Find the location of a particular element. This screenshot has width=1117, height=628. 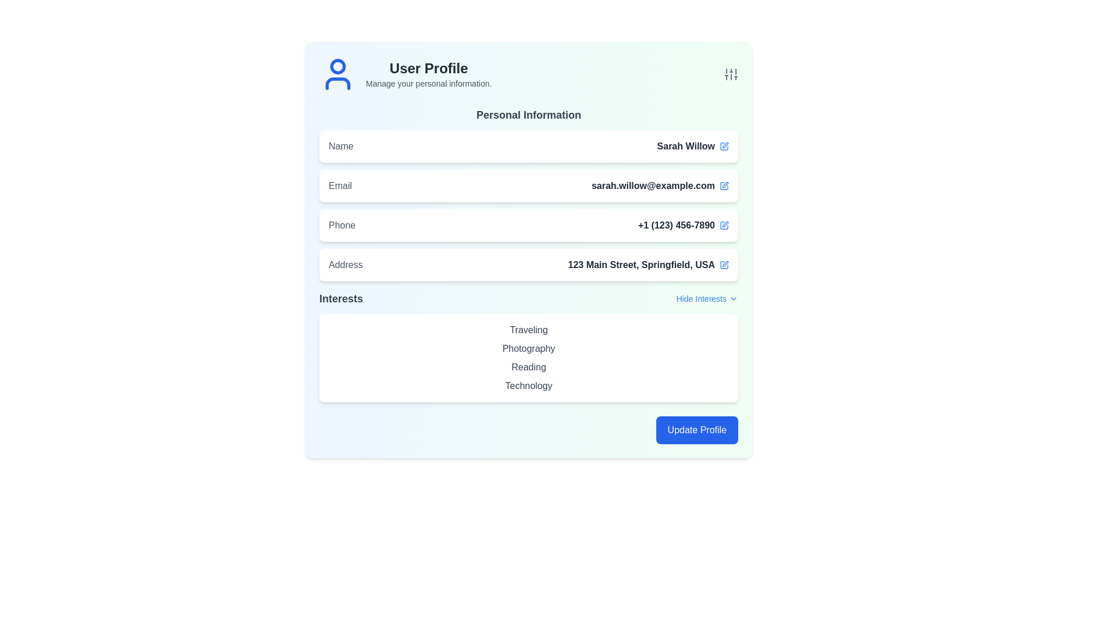

the small blue square icon with a pen symbol located in the 'Personal Information' section, immediately to the right of the text 'Sarah Willow' is located at coordinates (723, 145).